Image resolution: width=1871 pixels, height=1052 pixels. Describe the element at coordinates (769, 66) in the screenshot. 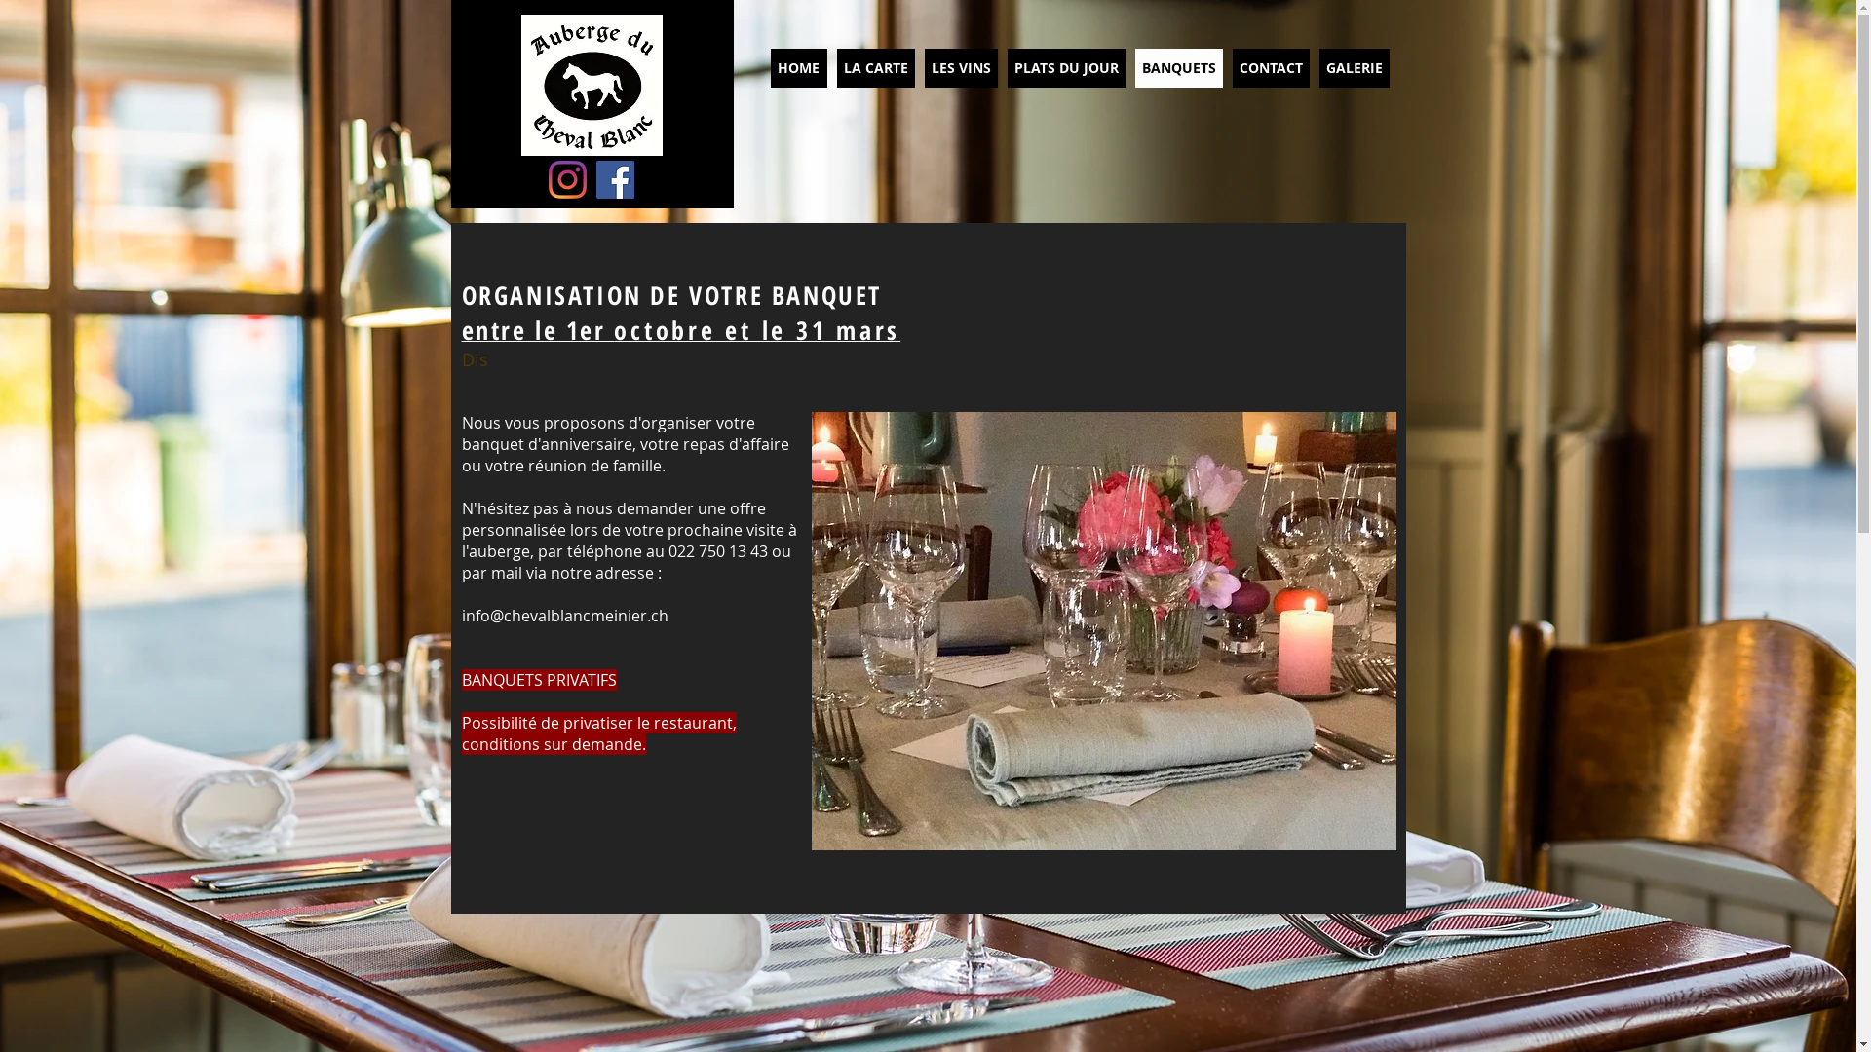

I see `'HOME'` at that location.